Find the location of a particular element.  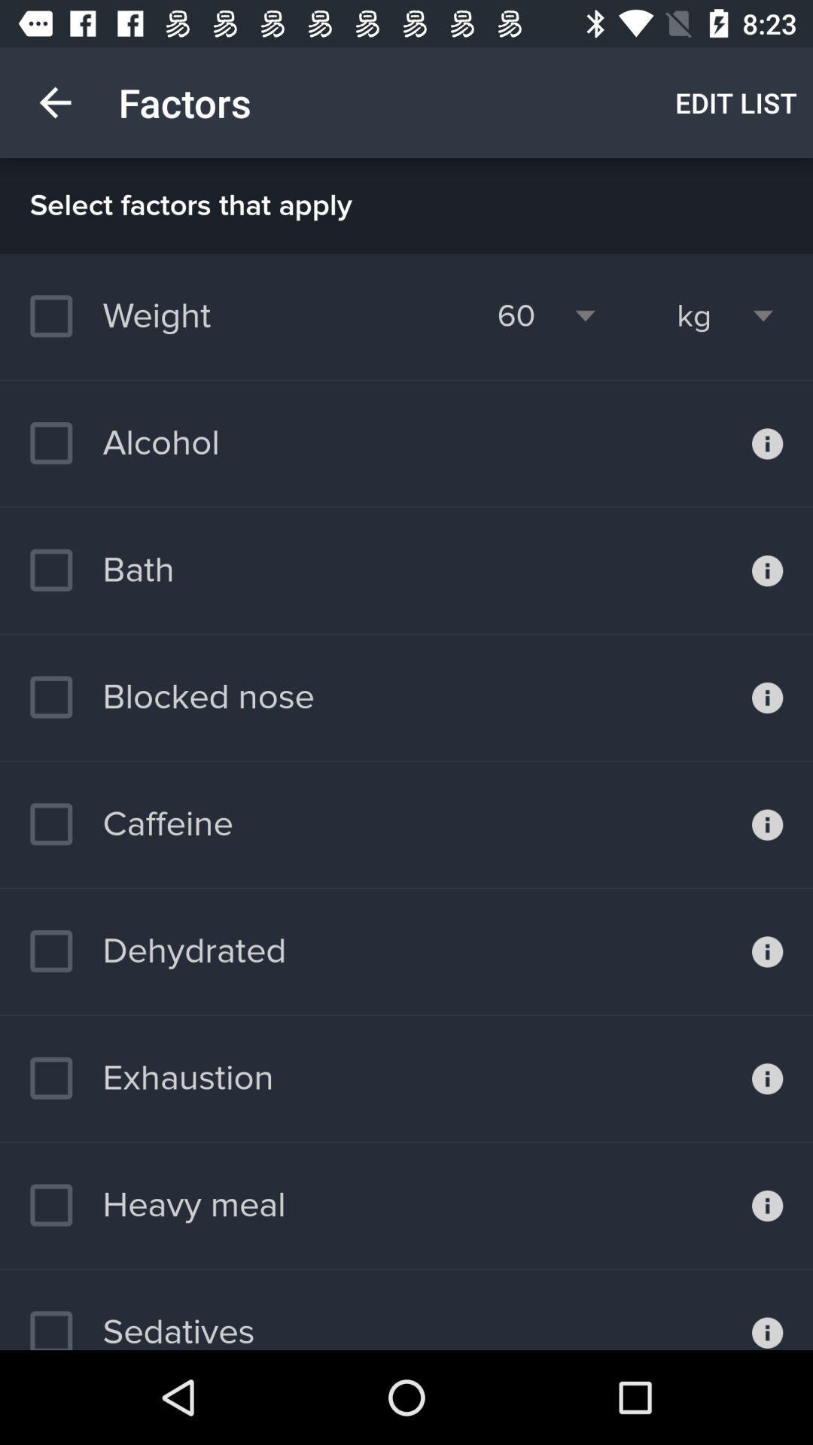

information is located at coordinates (767, 570).